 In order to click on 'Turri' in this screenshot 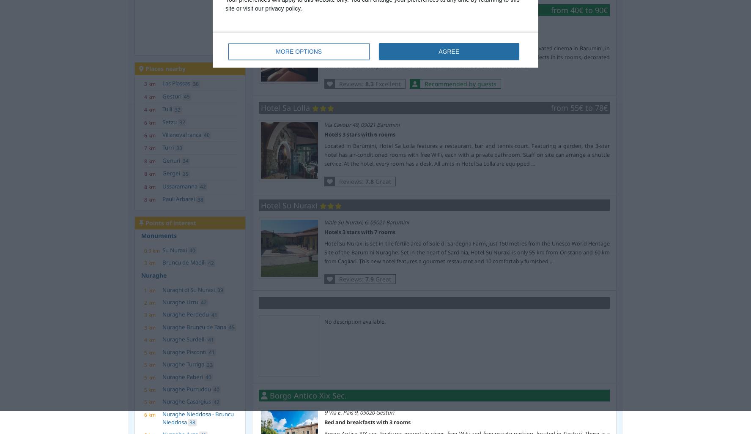, I will do `click(168, 147)`.